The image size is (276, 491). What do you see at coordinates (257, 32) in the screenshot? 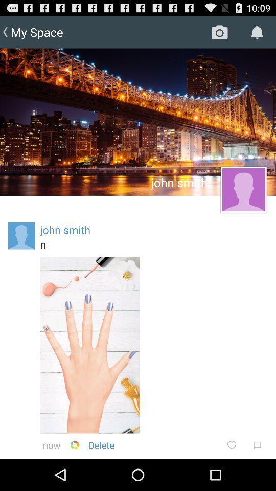
I see `the notification icon` at bounding box center [257, 32].